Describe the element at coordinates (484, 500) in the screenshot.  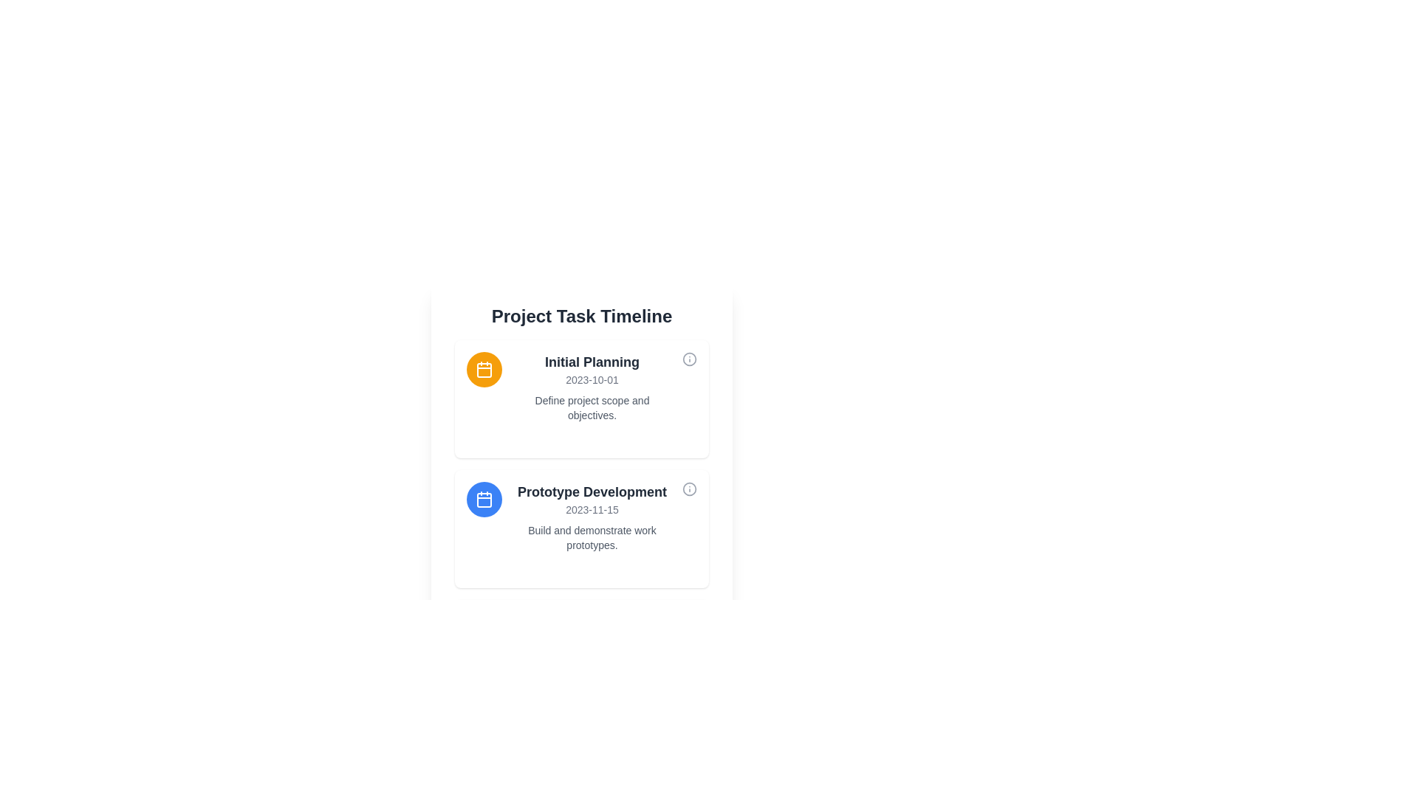
I see `the calendar icon component located to the left of the task named 'Prototype Development'` at that location.